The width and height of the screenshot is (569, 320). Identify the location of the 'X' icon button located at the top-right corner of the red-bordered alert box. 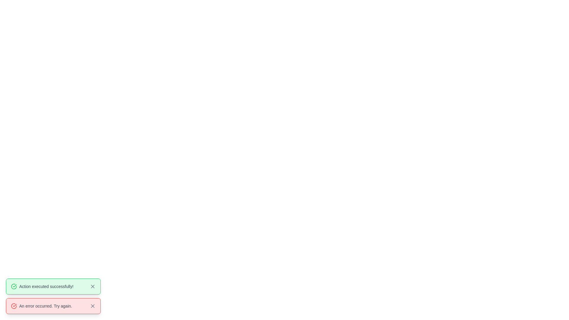
(92, 306).